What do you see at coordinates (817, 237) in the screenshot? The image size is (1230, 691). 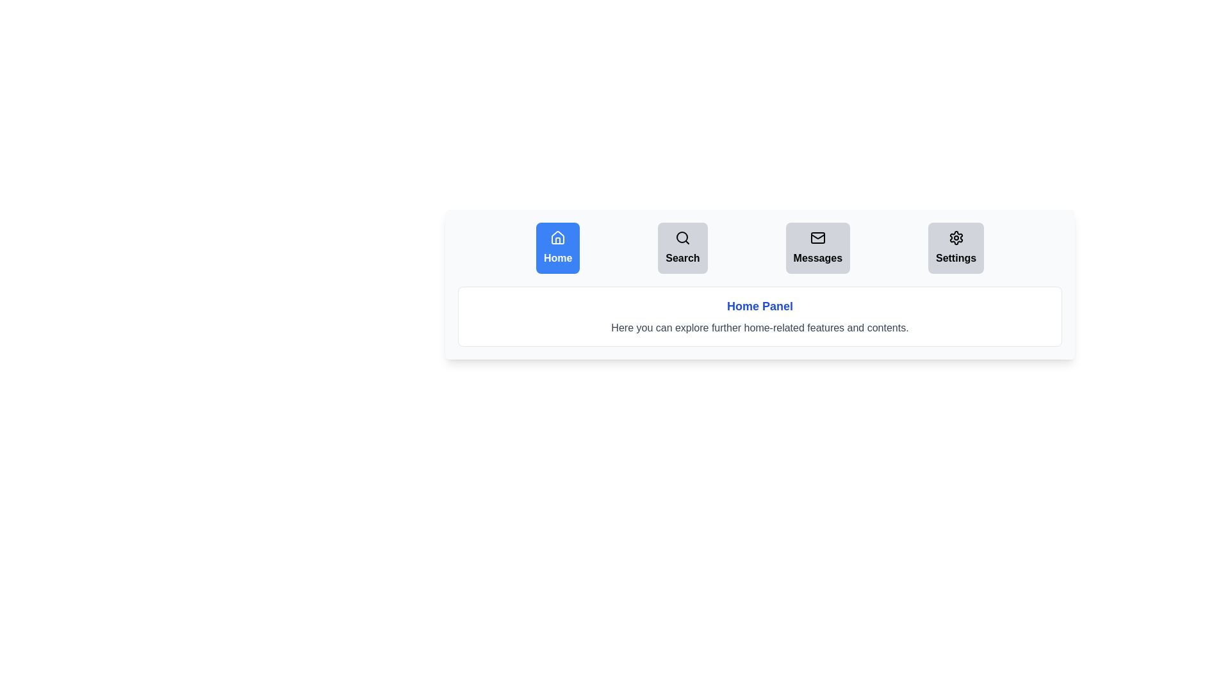 I see `the 'Messages' button, which contains a stylized mail icon and the text 'Messages' directly below it` at bounding box center [817, 237].